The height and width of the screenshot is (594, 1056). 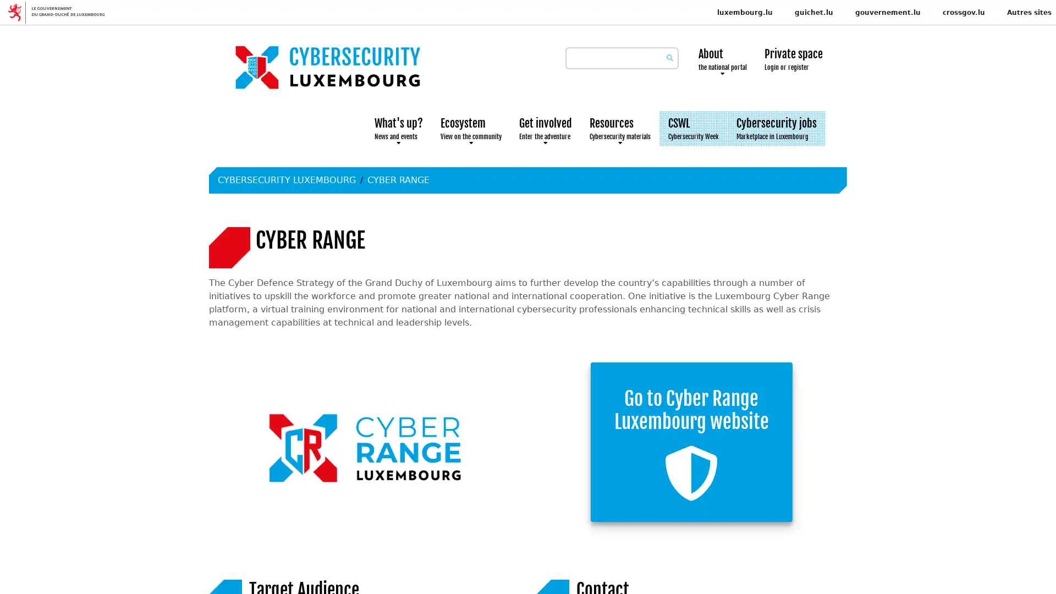 I want to click on CYBER RANGE, so click(x=398, y=179).